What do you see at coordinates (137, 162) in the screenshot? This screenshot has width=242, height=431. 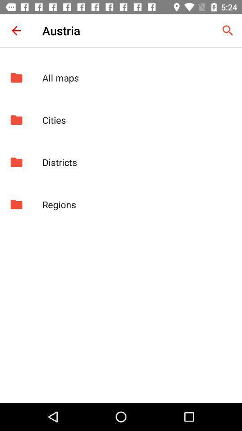 I see `the icon above regions icon` at bounding box center [137, 162].